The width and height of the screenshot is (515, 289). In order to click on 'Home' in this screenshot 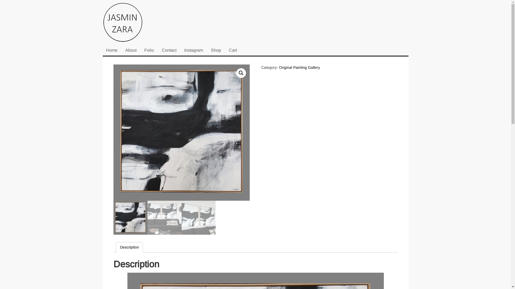, I will do `click(102, 50)`.